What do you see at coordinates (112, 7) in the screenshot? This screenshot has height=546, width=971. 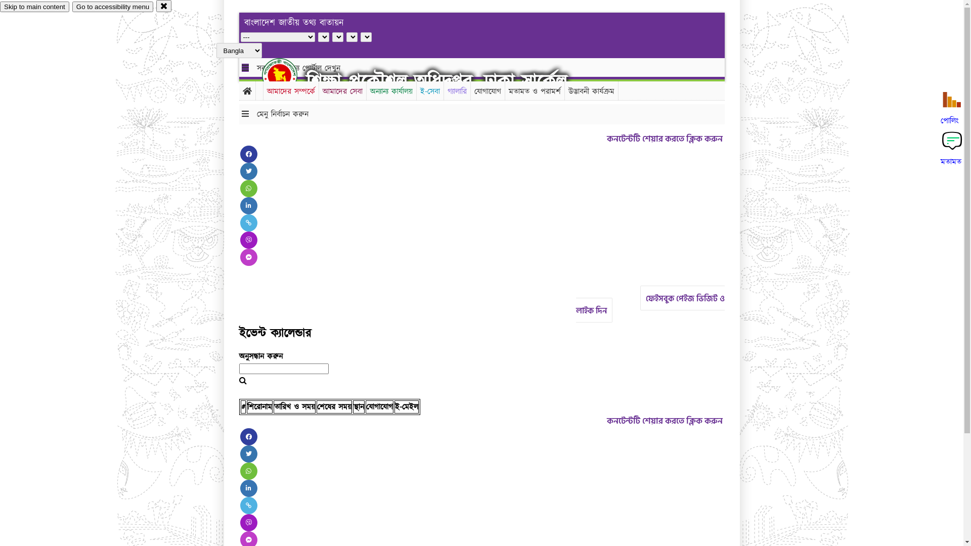 I see `'Go to accessibility menu'` at bounding box center [112, 7].